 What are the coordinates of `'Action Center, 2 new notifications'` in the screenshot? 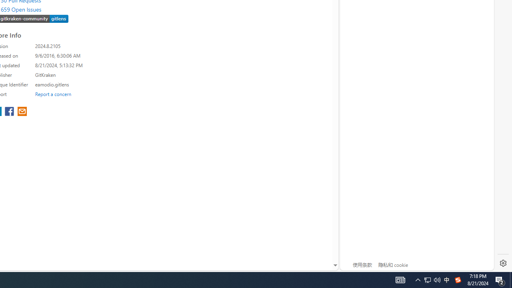 It's located at (510, 279).